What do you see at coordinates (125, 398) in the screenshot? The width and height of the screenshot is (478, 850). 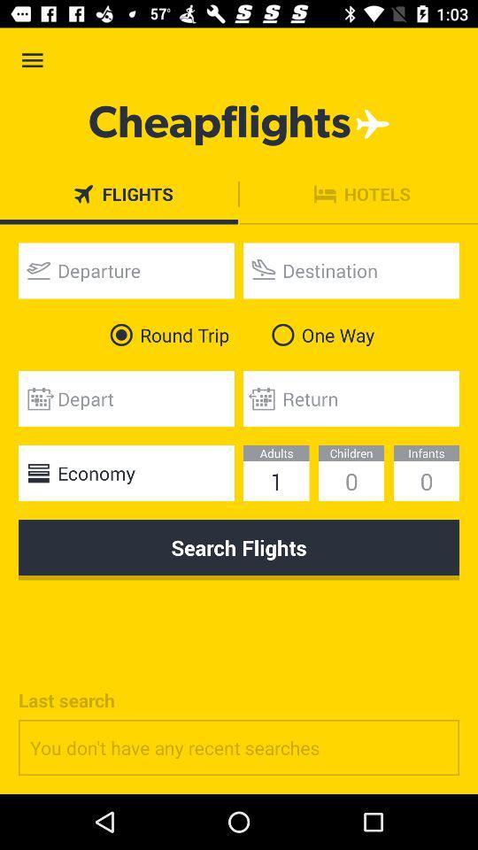 I see `date` at bounding box center [125, 398].